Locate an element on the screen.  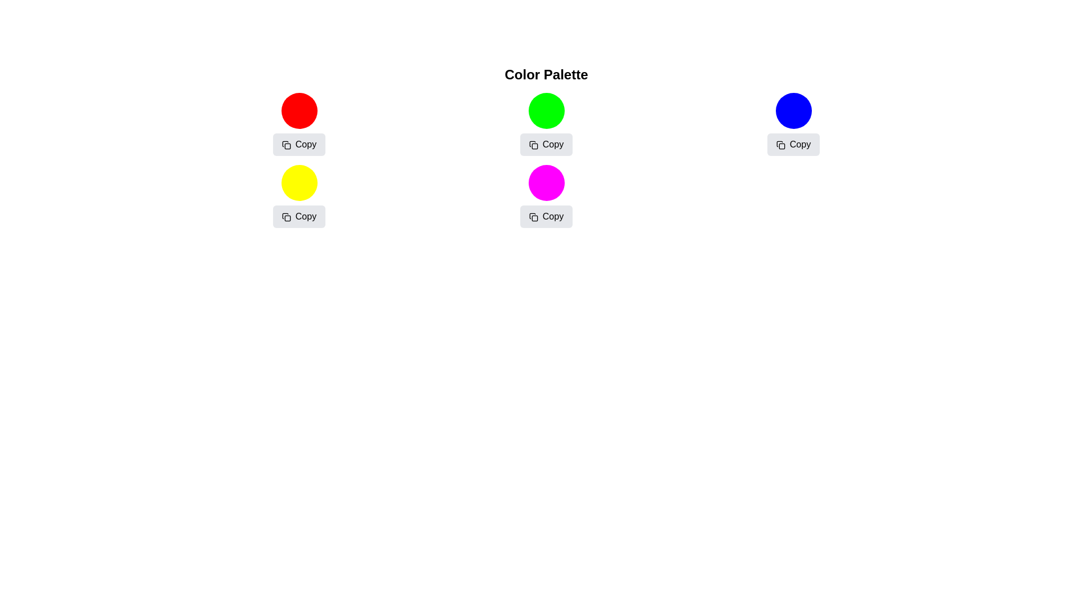
the 'Copy' icon, which resembles two overlapping squares is located at coordinates (286, 217).